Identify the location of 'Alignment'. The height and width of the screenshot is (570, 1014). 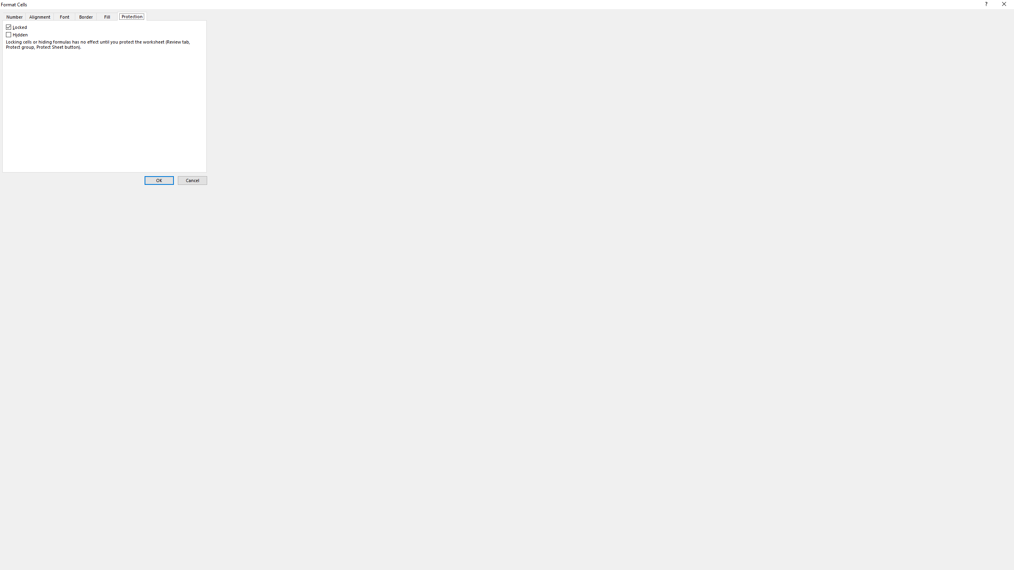
(39, 16).